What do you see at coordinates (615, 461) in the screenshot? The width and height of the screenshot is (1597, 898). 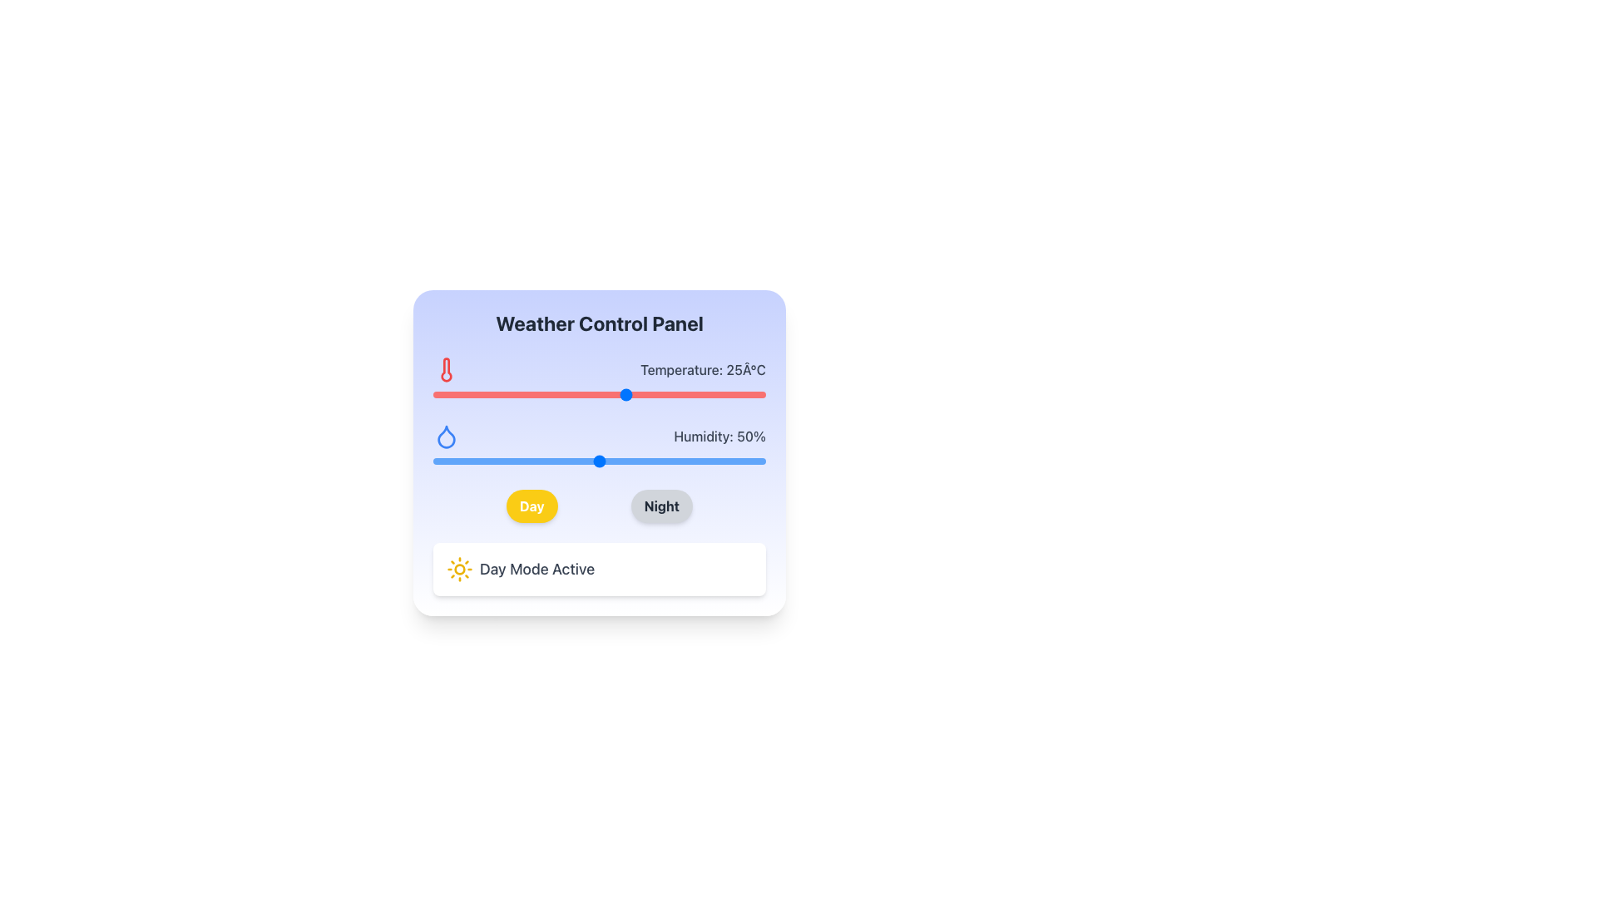 I see `humidity level` at bounding box center [615, 461].